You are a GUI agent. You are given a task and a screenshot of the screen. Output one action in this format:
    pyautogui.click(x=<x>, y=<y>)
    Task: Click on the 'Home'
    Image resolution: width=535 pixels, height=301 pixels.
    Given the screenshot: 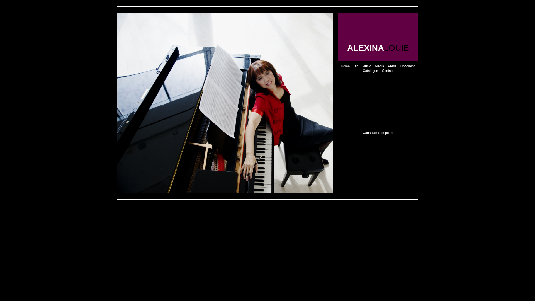 What is the action you would take?
    pyautogui.click(x=341, y=66)
    